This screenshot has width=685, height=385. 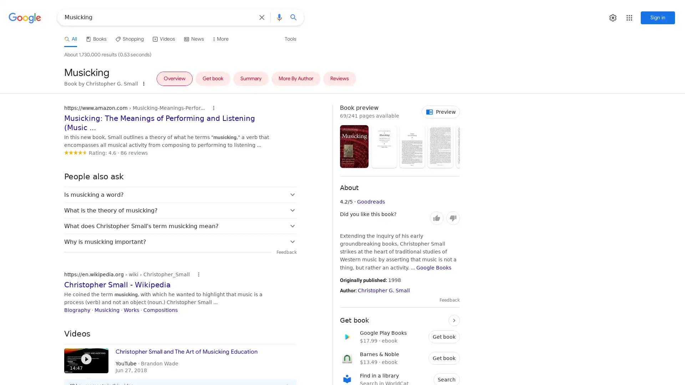 What do you see at coordinates (618, 17) in the screenshot?
I see `Settings` at bounding box center [618, 17].